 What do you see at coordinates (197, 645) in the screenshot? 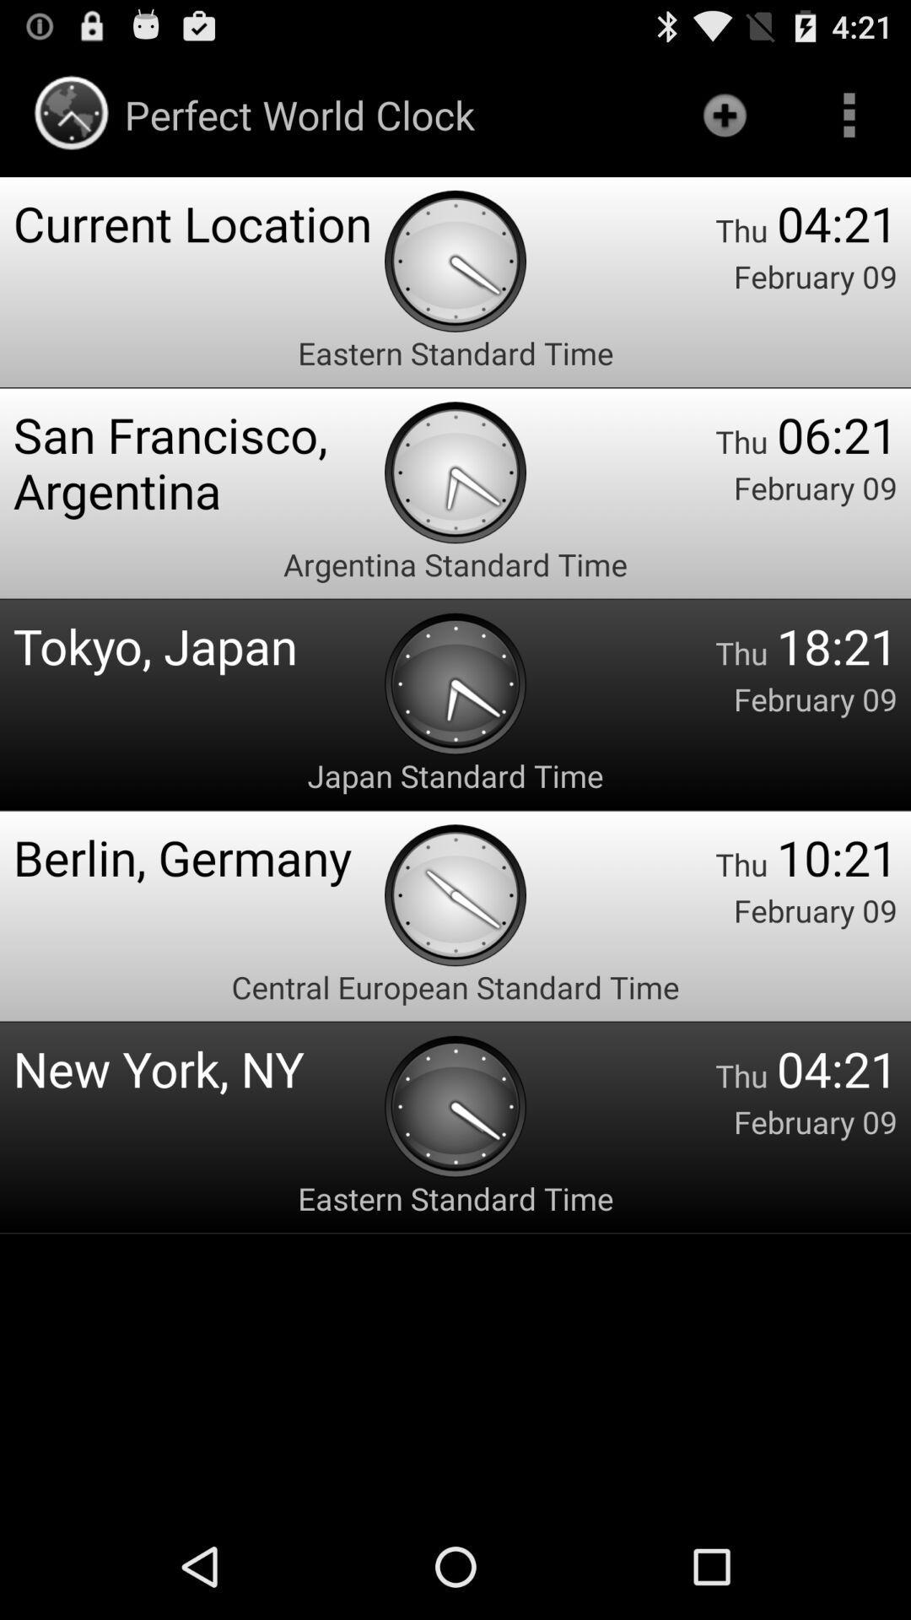
I see `the icon below argentina standard time item` at bounding box center [197, 645].